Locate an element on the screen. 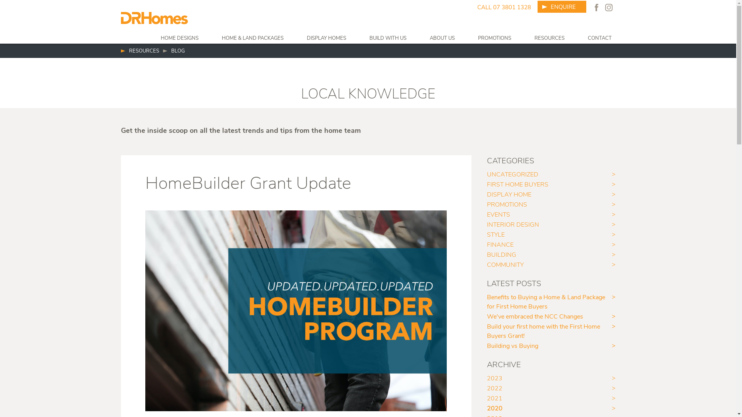 The image size is (742, 417). 'UNCATEGORIZED' is located at coordinates (550, 174).